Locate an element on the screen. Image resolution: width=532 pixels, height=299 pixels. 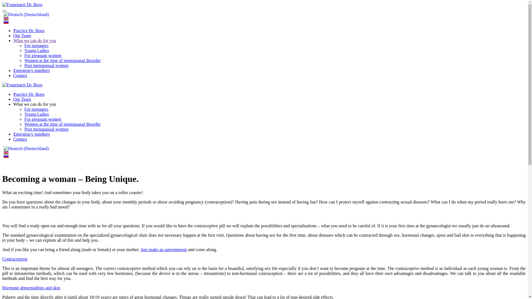
'Our Team' is located at coordinates (22, 35).